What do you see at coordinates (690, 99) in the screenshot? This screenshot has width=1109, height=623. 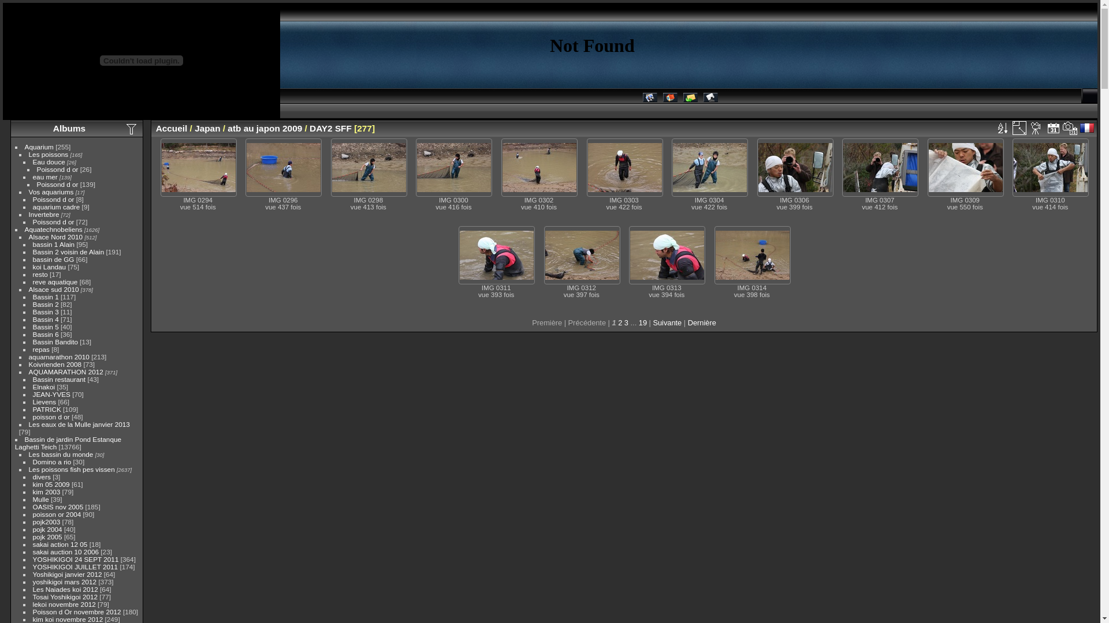 I see `'info@aquatechnobel.be'` at bounding box center [690, 99].